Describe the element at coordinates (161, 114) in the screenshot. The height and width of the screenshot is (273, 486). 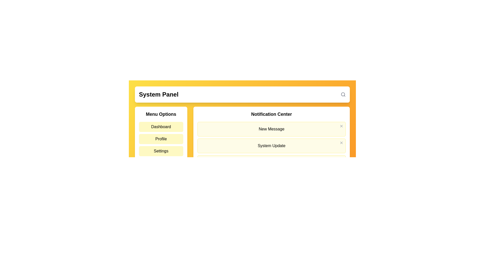
I see `the 'Menu Options' static text label, which is bold and located at the top of the left panel above the 'Dashboard', 'Profile', and 'Settings' options` at that location.